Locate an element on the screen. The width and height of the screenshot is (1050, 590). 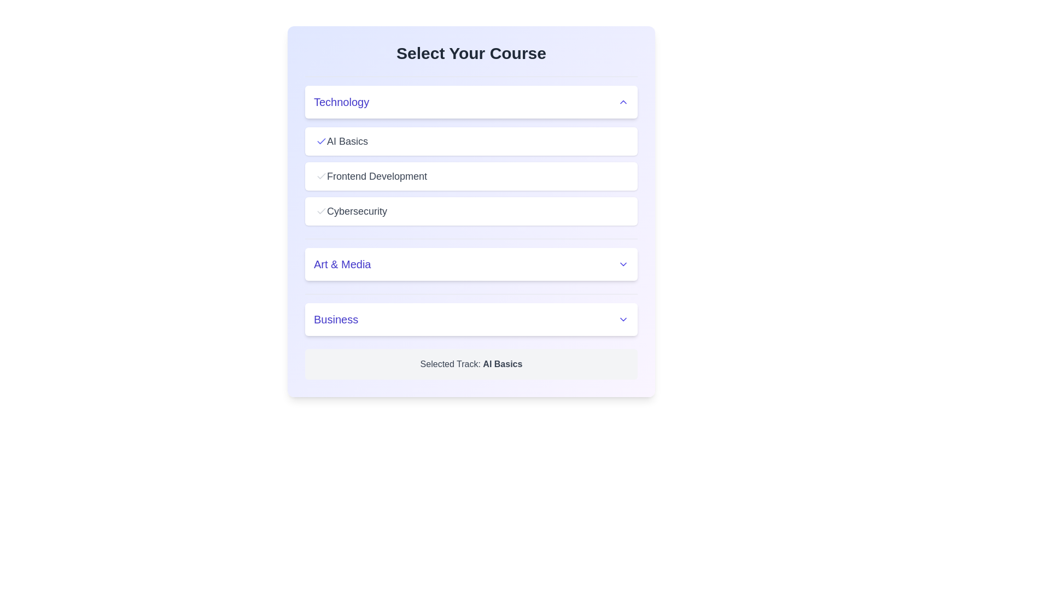
the 'Art & Media' button is located at coordinates (471, 259).